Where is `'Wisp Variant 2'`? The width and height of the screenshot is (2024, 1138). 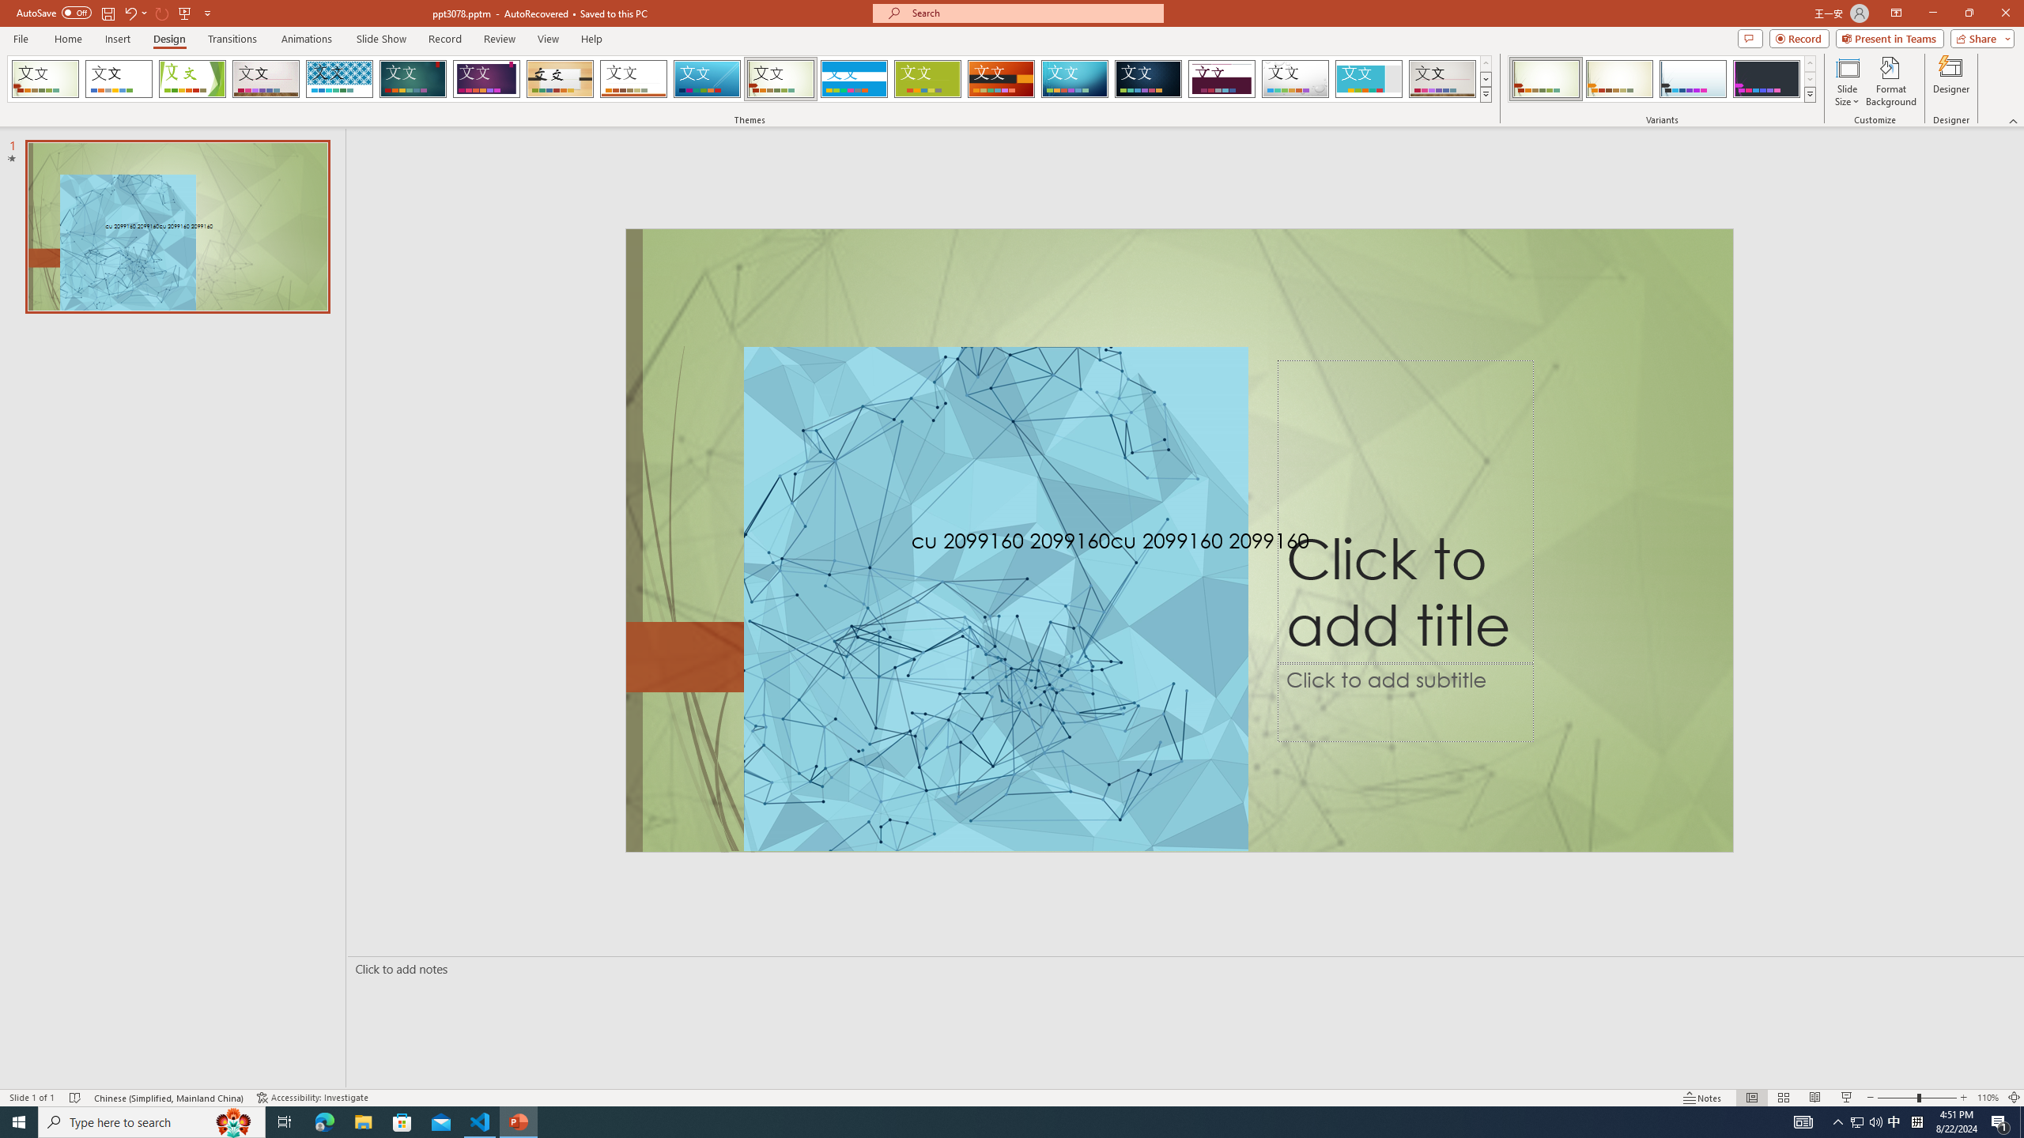
'Wisp Variant 2' is located at coordinates (1618, 78).